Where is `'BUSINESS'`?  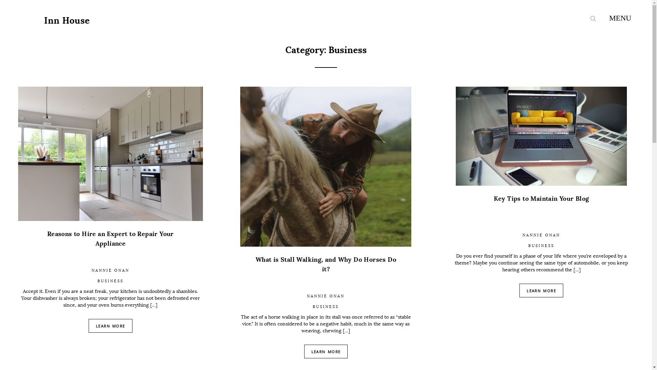
'BUSINESS' is located at coordinates (325, 306).